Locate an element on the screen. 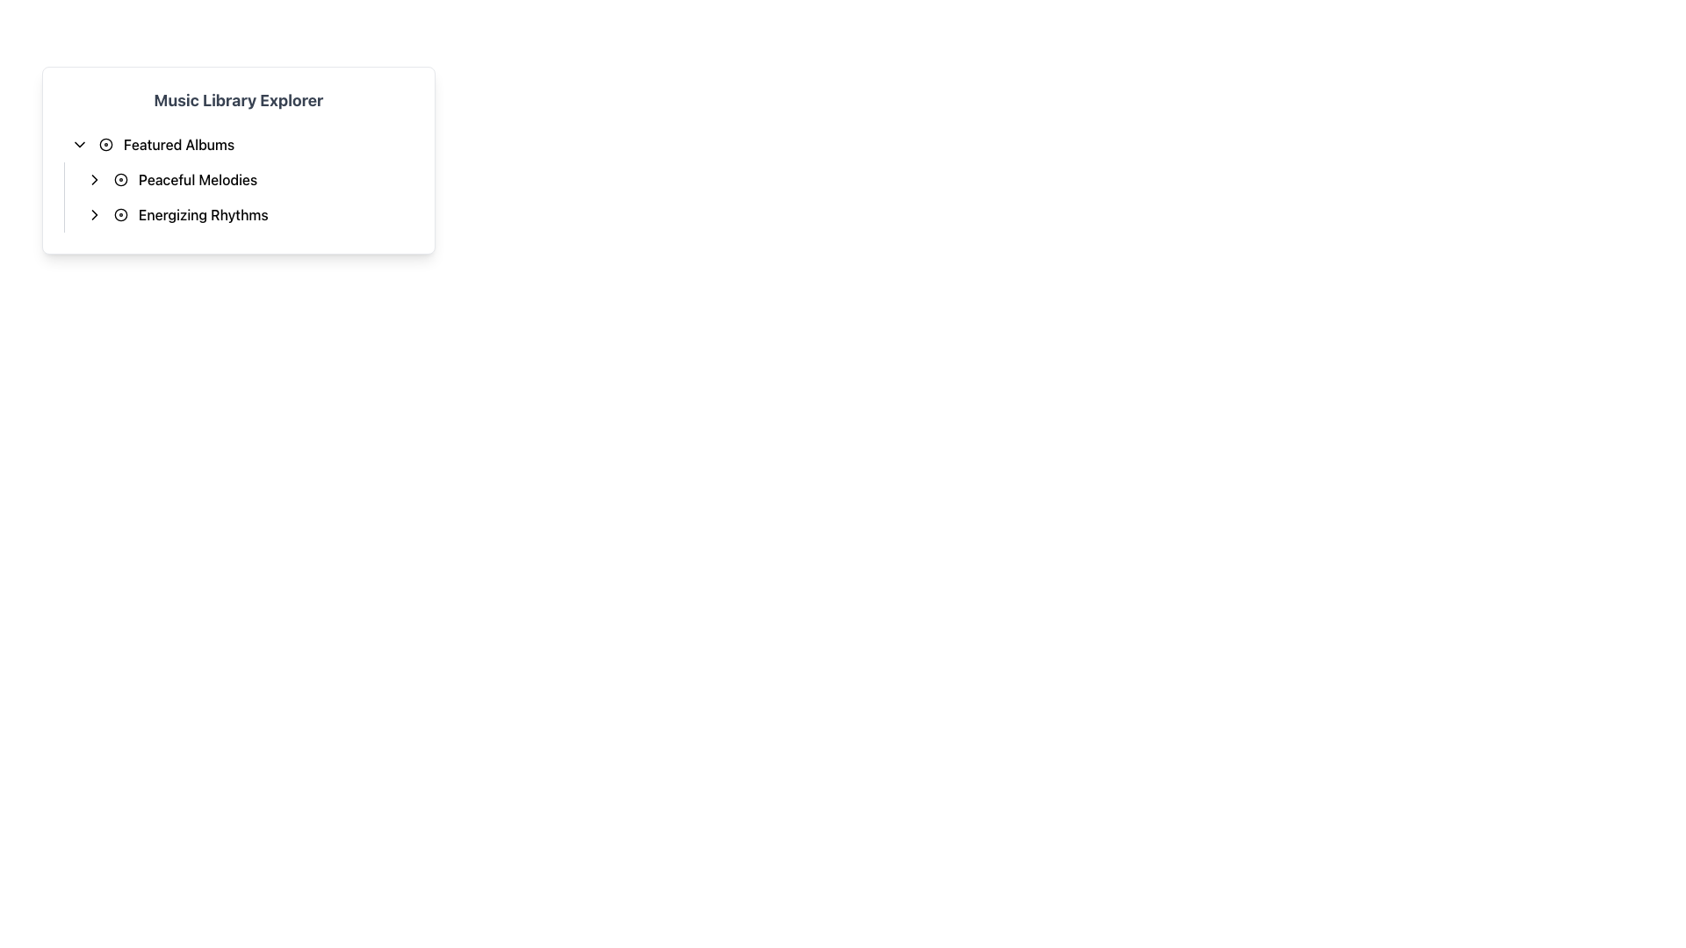 Image resolution: width=1686 pixels, height=948 pixels. the right-pointing chevron icon located next to the label 'Peaceful Melodies' is located at coordinates (94, 179).